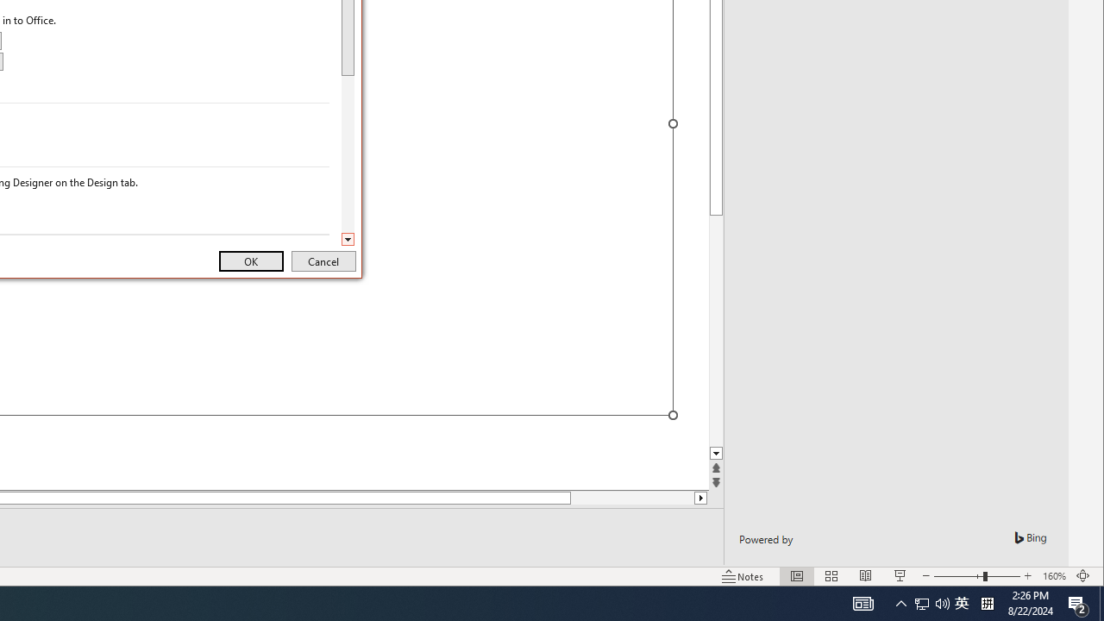 The width and height of the screenshot is (1104, 621). I want to click on 'Cancel', so click(323, 261).